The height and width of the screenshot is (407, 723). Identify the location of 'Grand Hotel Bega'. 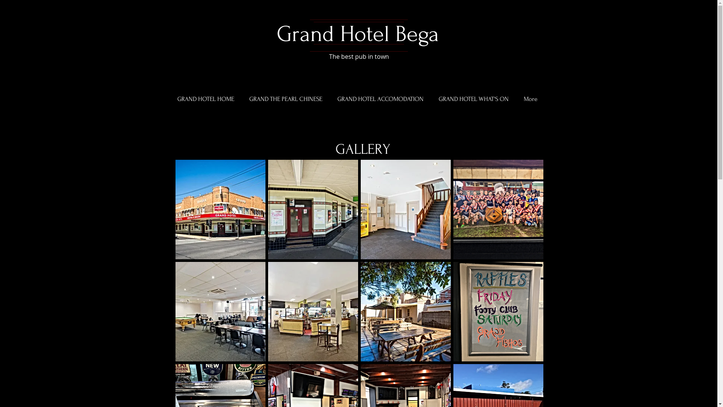
(357, 34).